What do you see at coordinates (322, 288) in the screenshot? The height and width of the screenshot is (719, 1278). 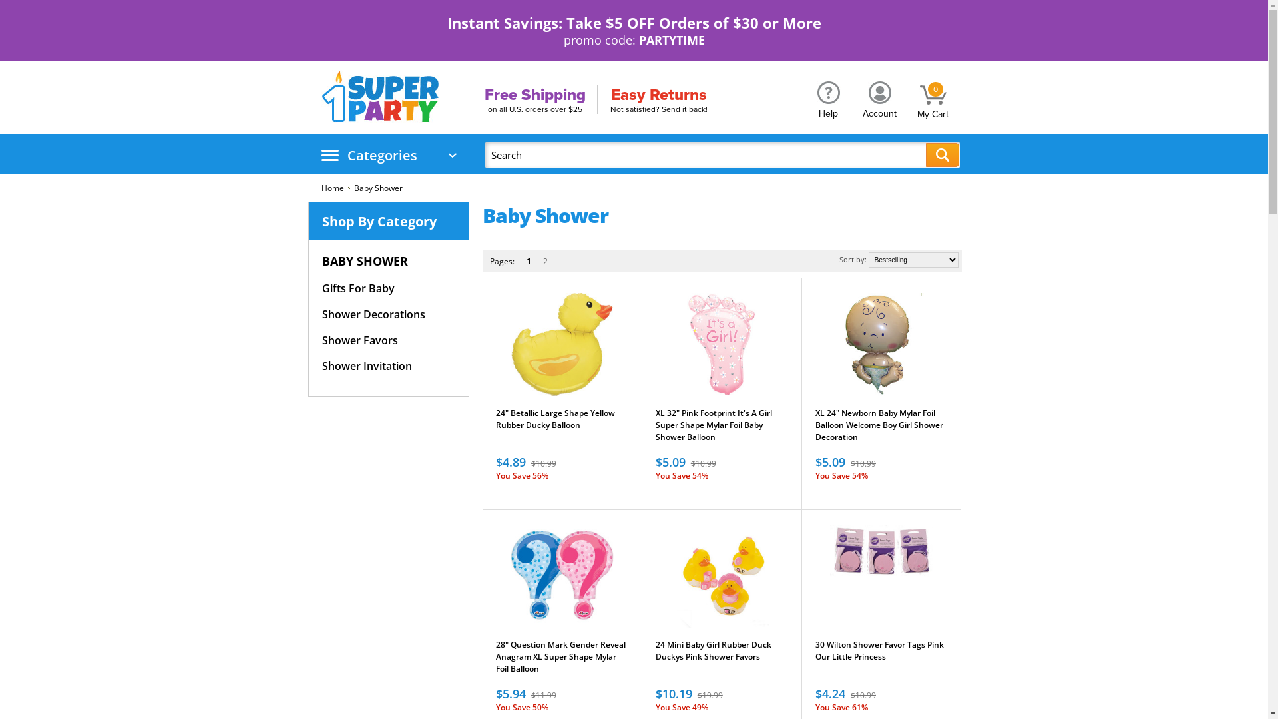 I see `'Gifts For Baby'` at bounding box center [322, 288].